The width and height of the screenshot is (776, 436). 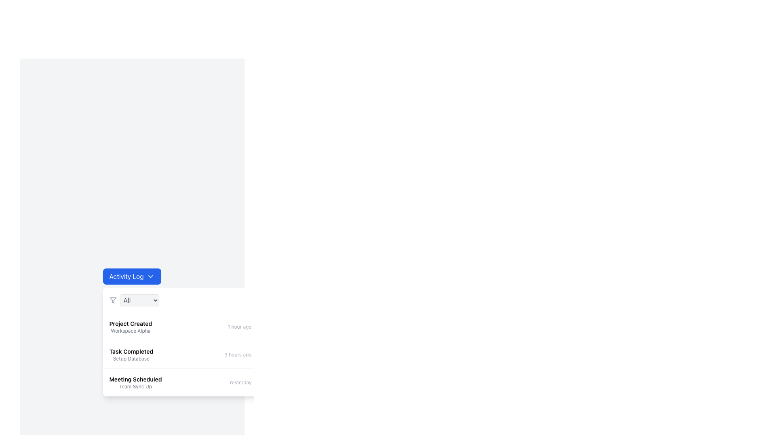 I want to click on the text label reading 'Workspace Alpha' which is styled in a small font size and light gray color, located beneath the 'Project Created' text label in the 'Activity Log' dropdown list, so click(x=131, y=331).